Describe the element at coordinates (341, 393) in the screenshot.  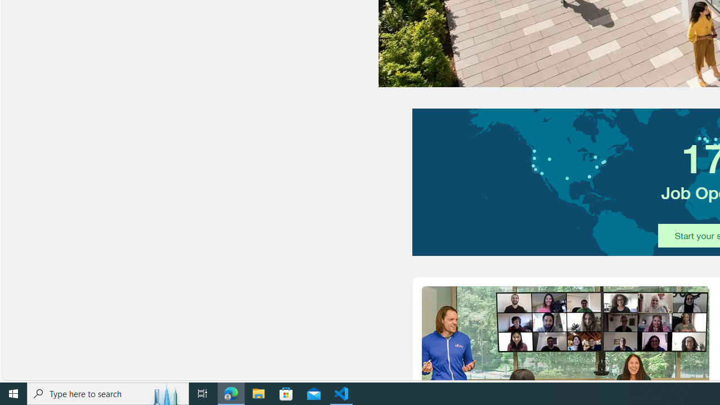
I see `'Visual Studio Code - 1 running window'` at that location.